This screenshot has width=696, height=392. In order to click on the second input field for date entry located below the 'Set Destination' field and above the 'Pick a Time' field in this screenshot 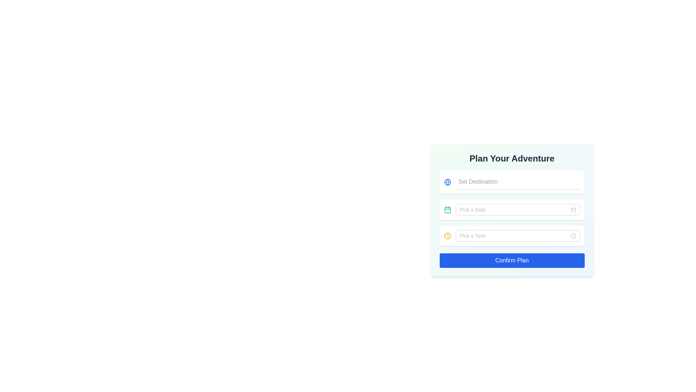, I will do `click(514, 210)`.